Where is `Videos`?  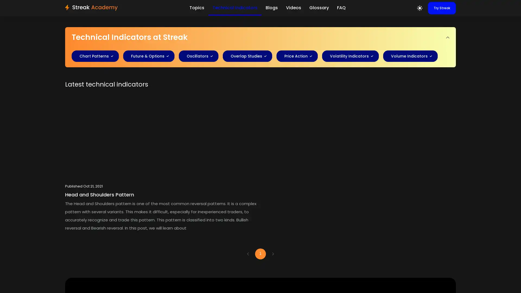
Videos is located at coordinates (293, 7).